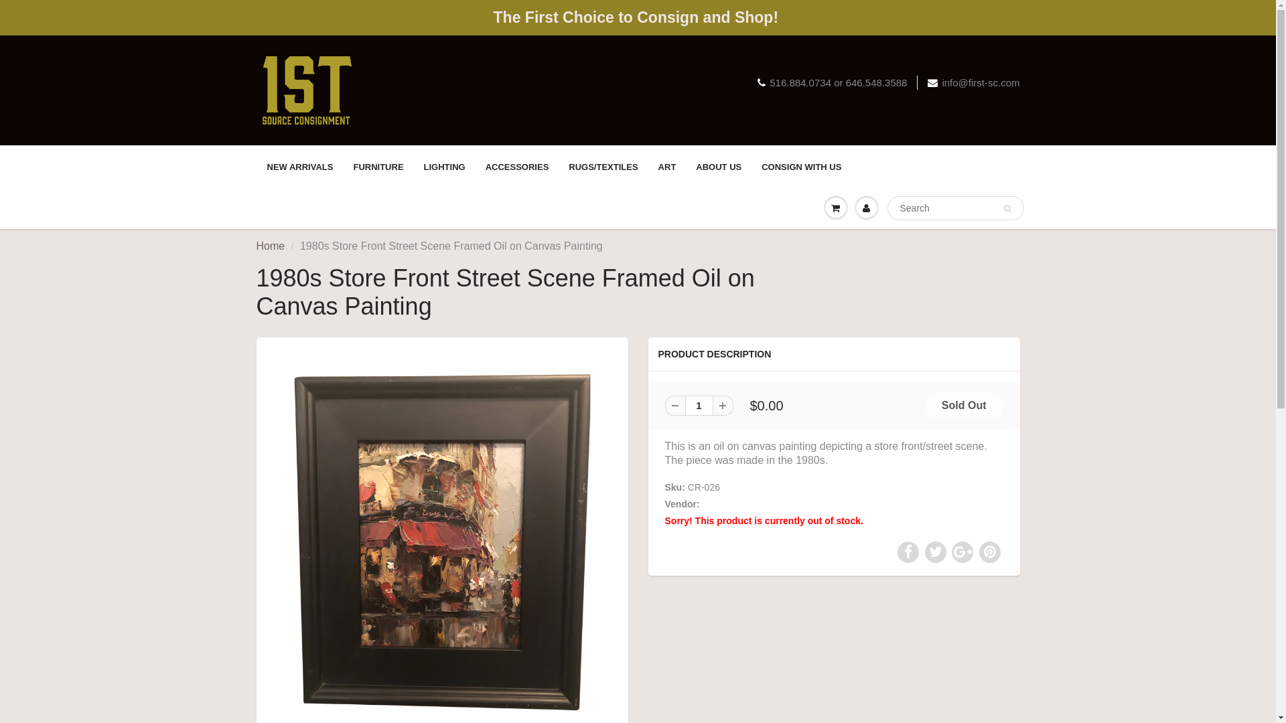 The image size is (1286, 723). What do you see at coordinates (754, 503) in the screenshot?
I see `'1st Source Consignment'` at bounding box center [754, 503].